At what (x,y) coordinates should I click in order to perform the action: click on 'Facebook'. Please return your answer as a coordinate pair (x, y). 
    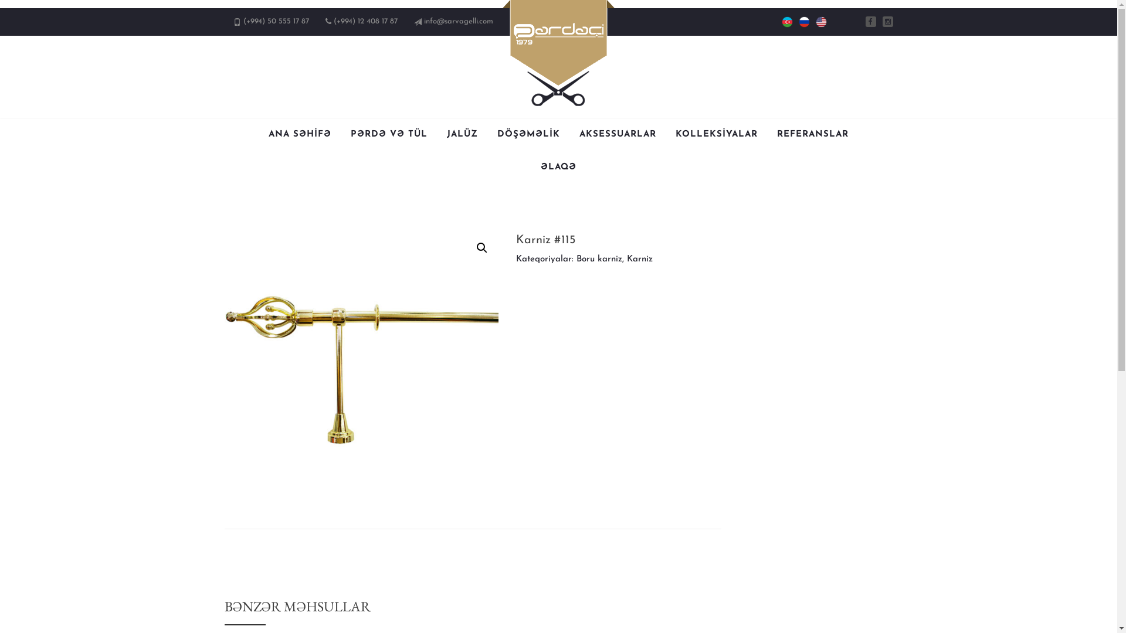
    Looking at the image, I should click on (870, 22).